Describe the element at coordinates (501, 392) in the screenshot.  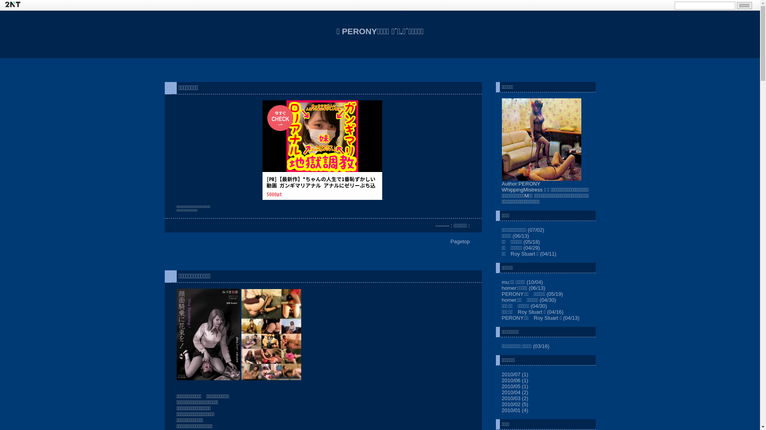
I see `'2010/04 (2)'` at that location.